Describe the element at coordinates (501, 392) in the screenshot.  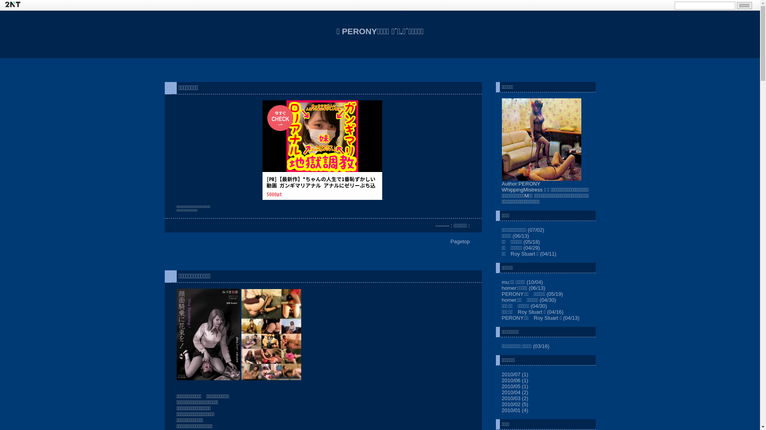
I see `'2010/04 (2)'` at that location.